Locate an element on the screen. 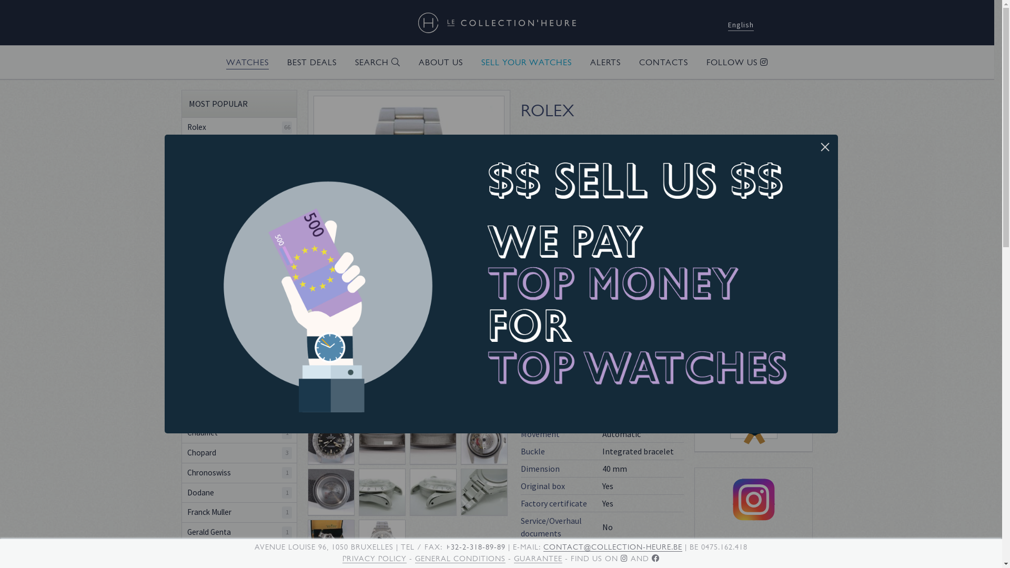  'SELL YOUR WATCHES' is located at coordinates (527, 63).